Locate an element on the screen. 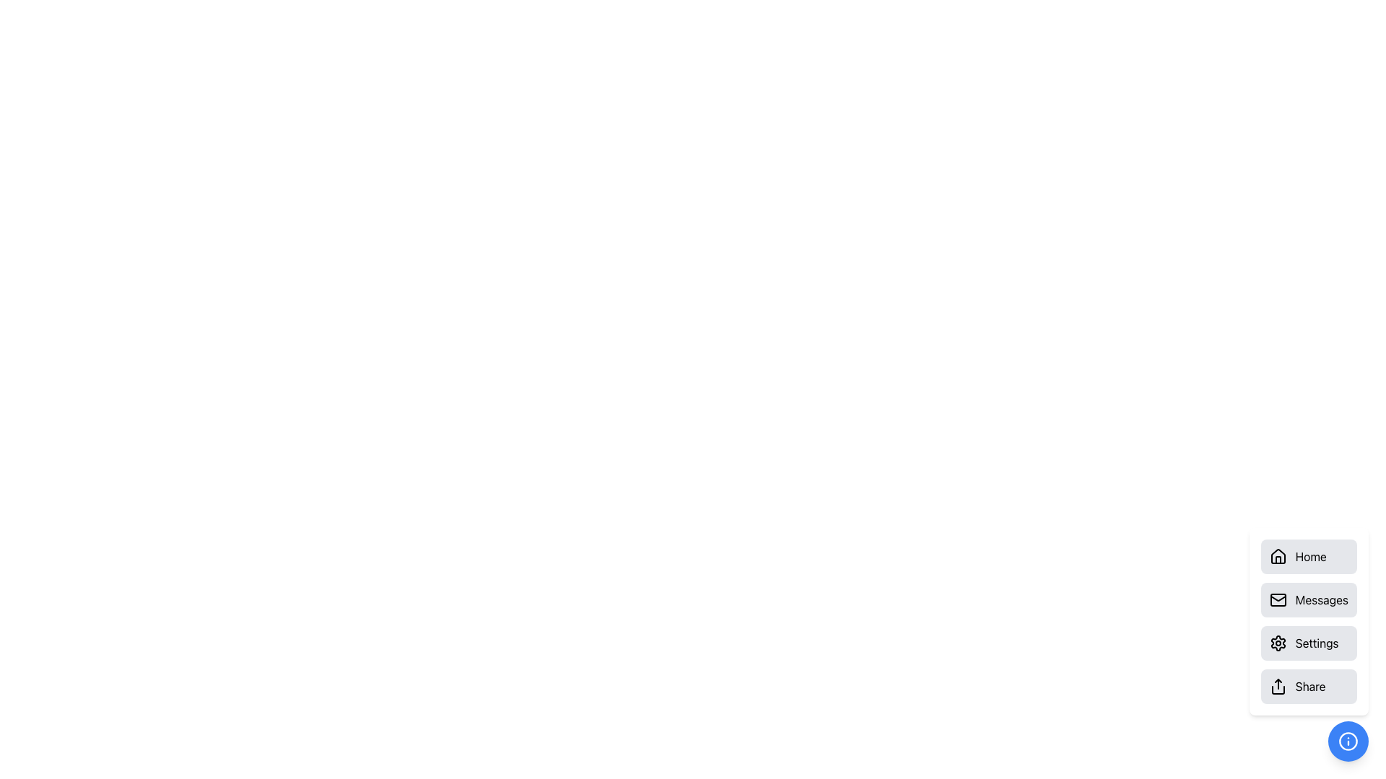 The image size is (1386, 779). the 'Settings' icon, which includes a gear icon and the label 'Settings', located as the third option in the vertical list of menu items on the right side of the interface is located at coordinates (1278, 642).